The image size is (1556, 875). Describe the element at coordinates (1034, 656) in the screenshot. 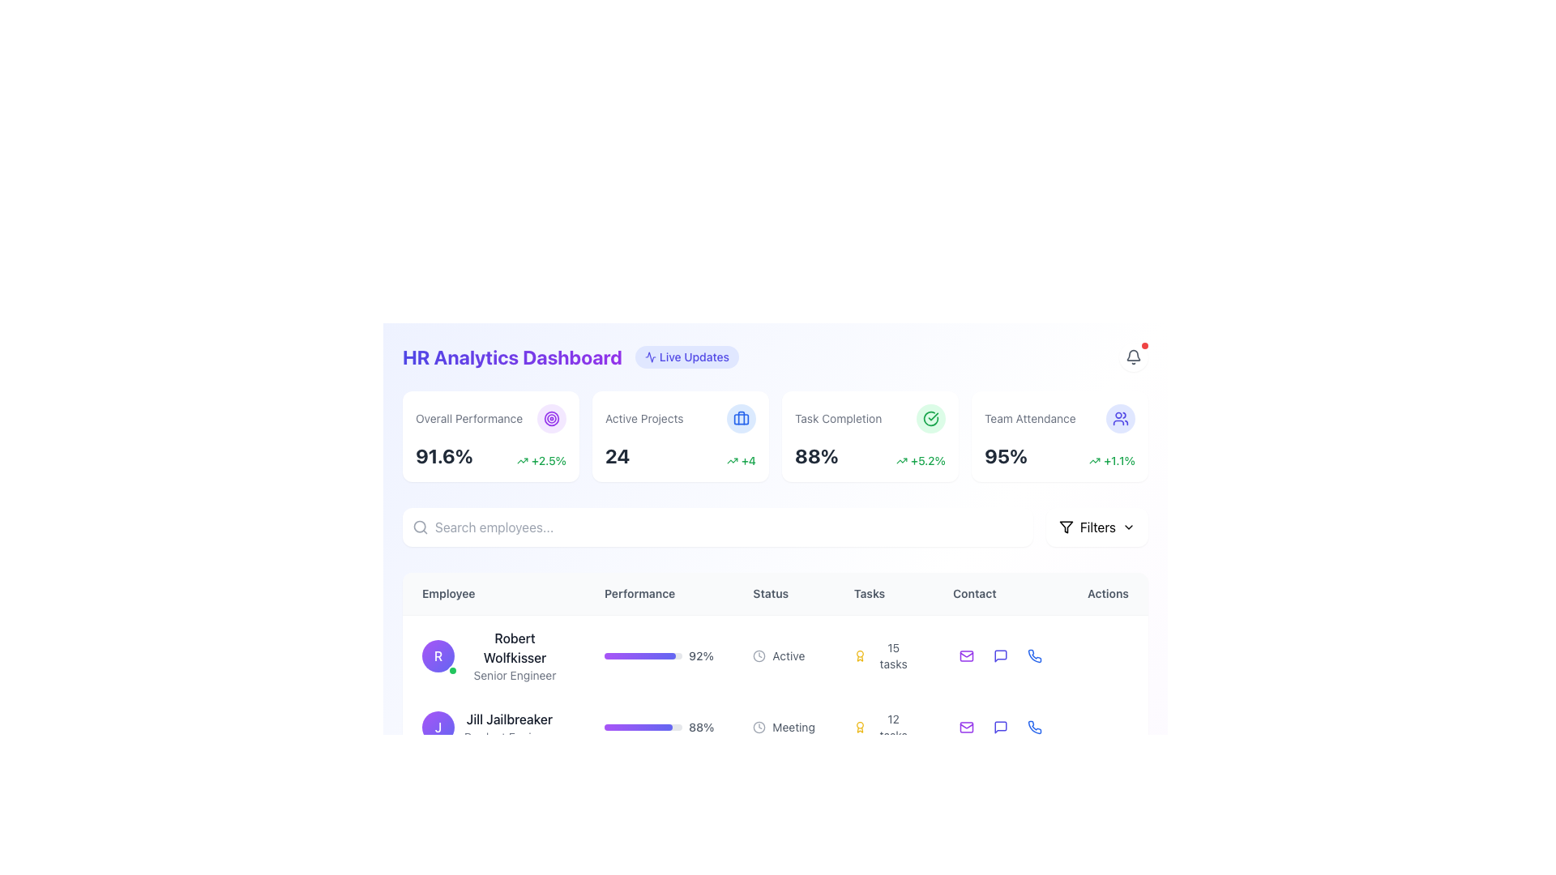

I see `the phone icon representing communication options for Jill Jailbreaker located` at that location.